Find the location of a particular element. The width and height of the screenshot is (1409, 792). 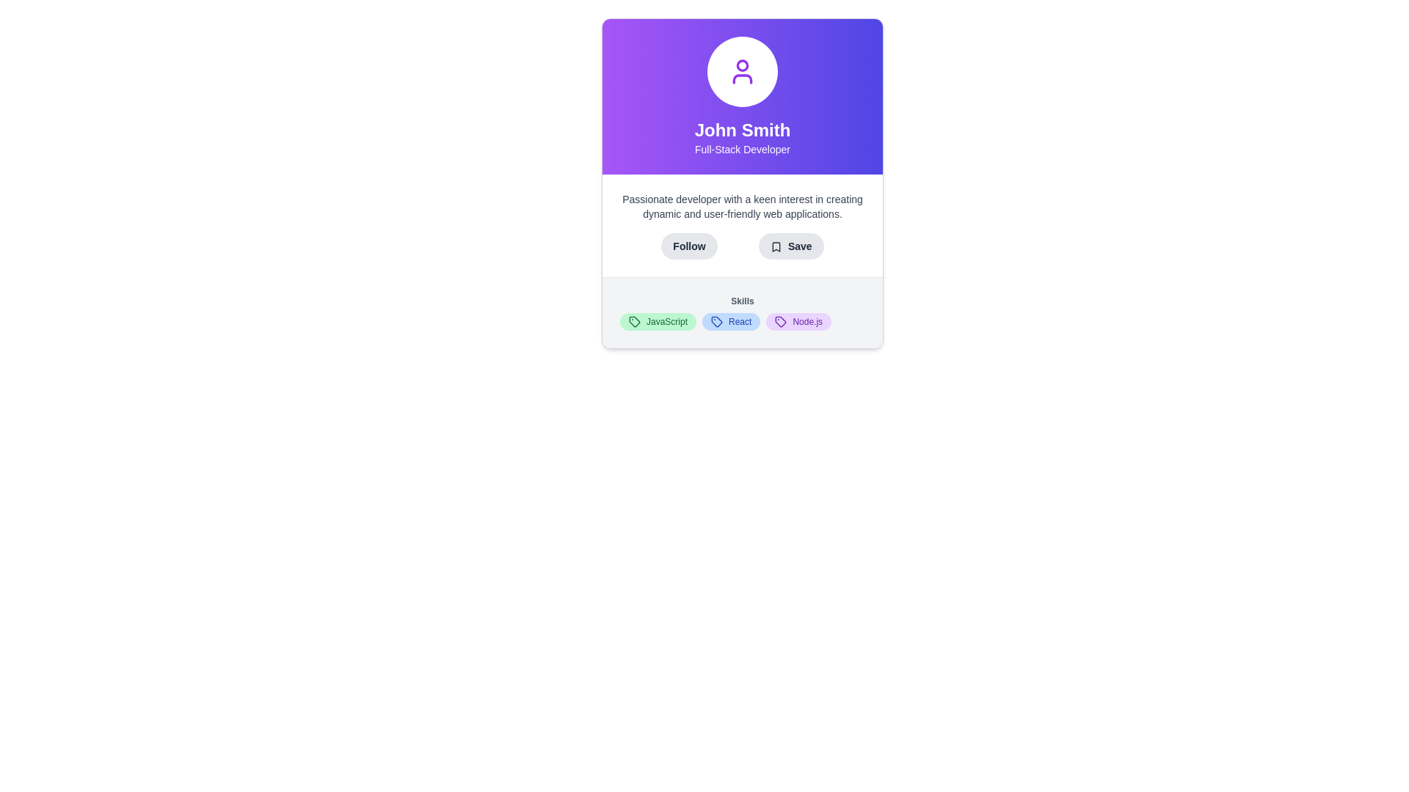

the 'Follow' button, which is a rounded rectangular button with a light gray background and dark gray text, located beneath the user description section is located at coordinates (688, 245).